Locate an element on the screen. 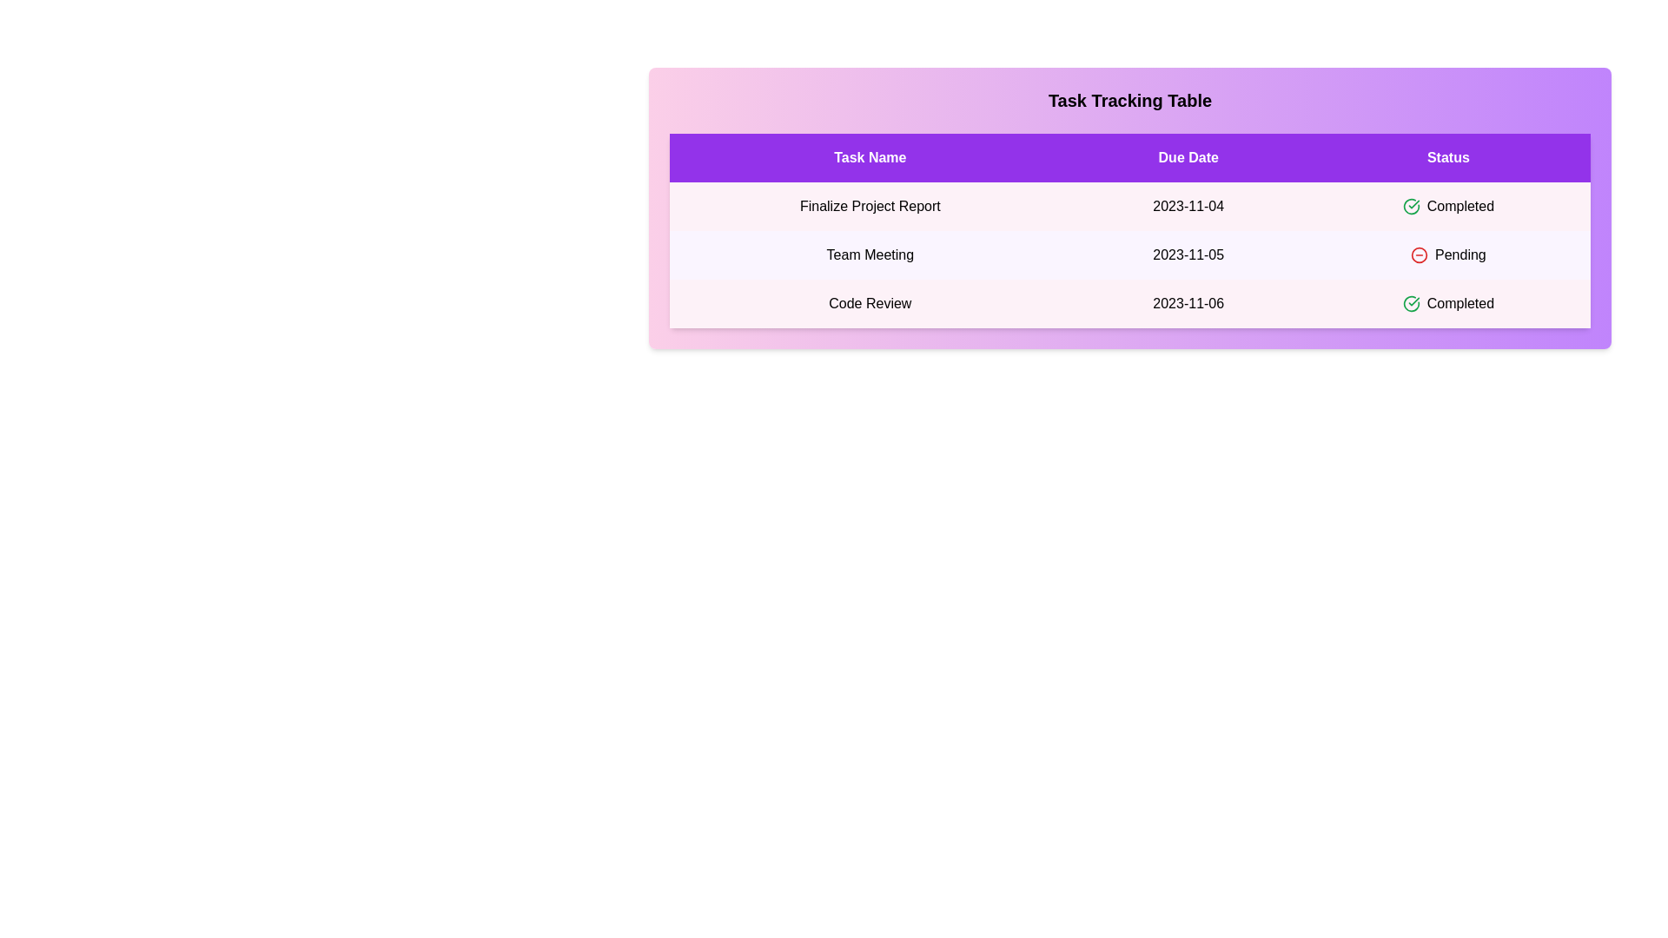 This screenshot has width=1668, height=938. the text 'Finalize Project Report' in the table cell is located at coordinates (870, 206).